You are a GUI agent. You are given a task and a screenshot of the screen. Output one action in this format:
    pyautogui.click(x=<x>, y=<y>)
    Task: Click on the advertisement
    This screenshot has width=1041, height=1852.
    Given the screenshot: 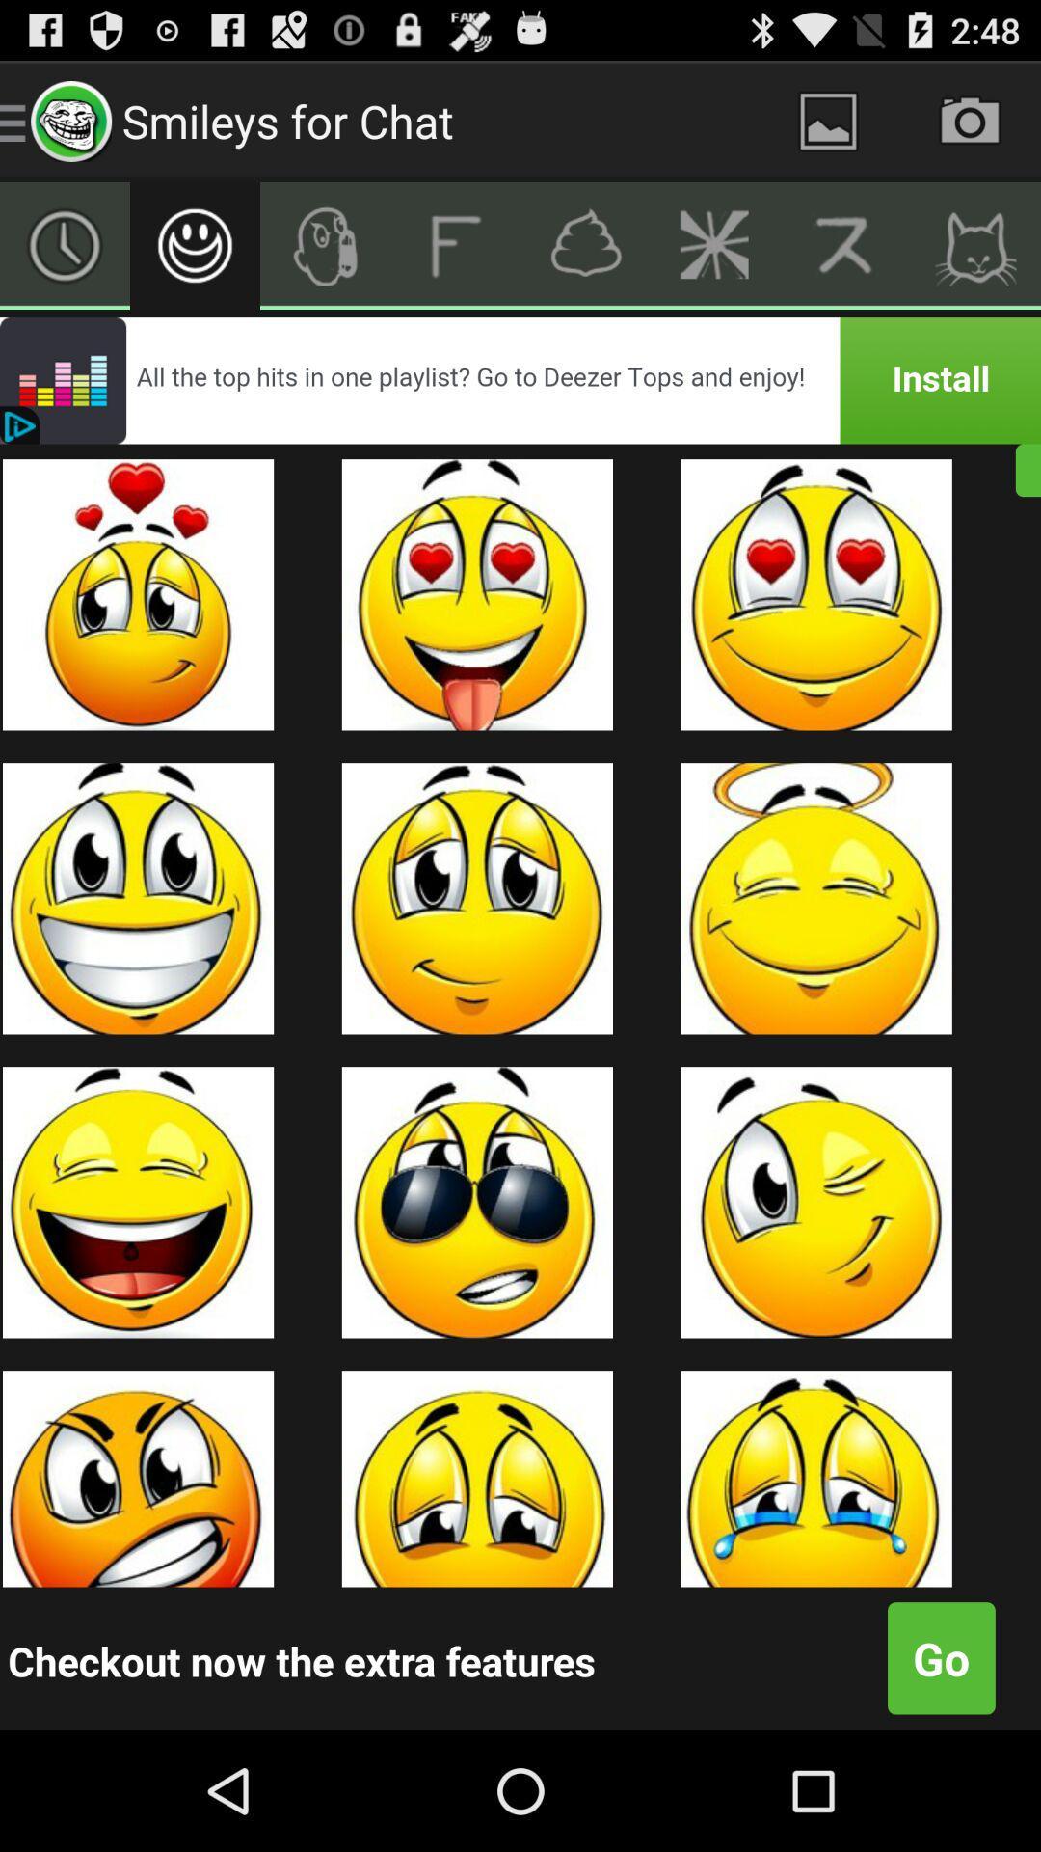 What is the action you would take?
    pyautogui.click(x=520, y=380)
    